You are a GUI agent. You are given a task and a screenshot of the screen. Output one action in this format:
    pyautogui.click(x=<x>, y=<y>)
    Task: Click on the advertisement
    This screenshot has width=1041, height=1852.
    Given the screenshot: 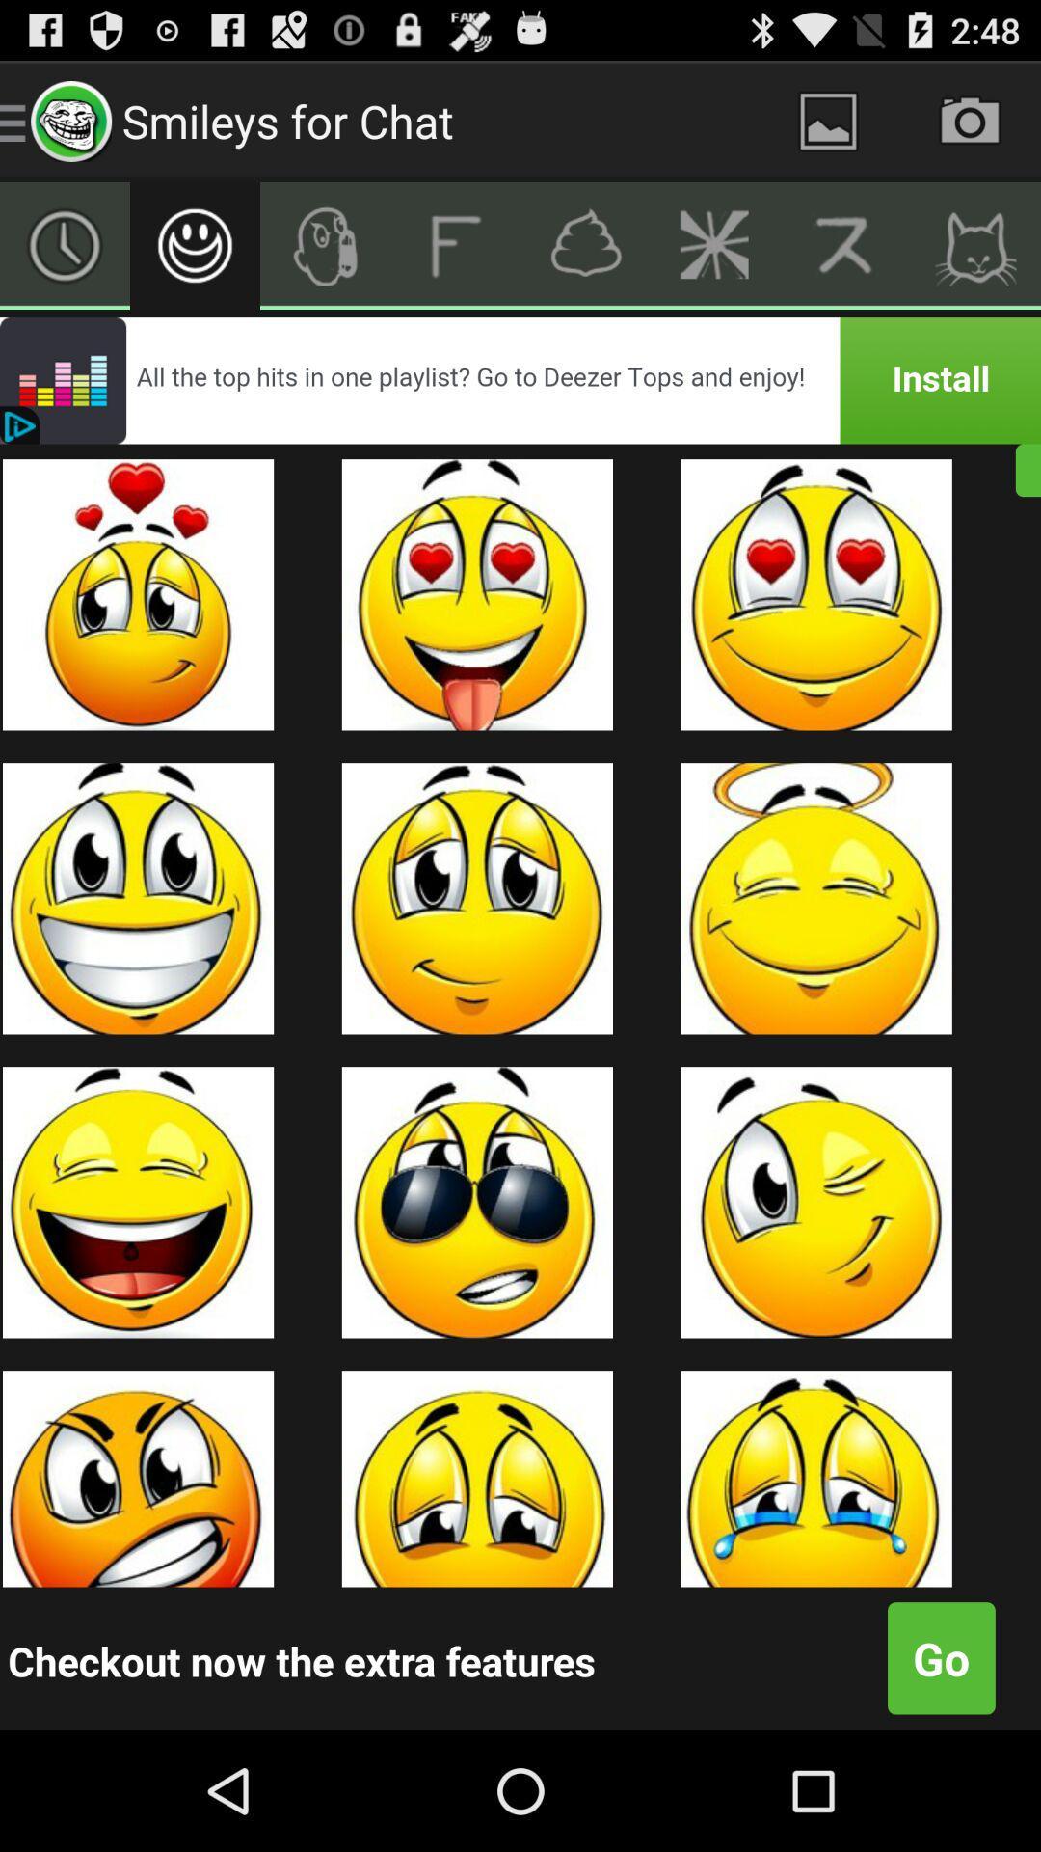 What is the action you would take?
    pyautogui.click(x=520, y=380)
    